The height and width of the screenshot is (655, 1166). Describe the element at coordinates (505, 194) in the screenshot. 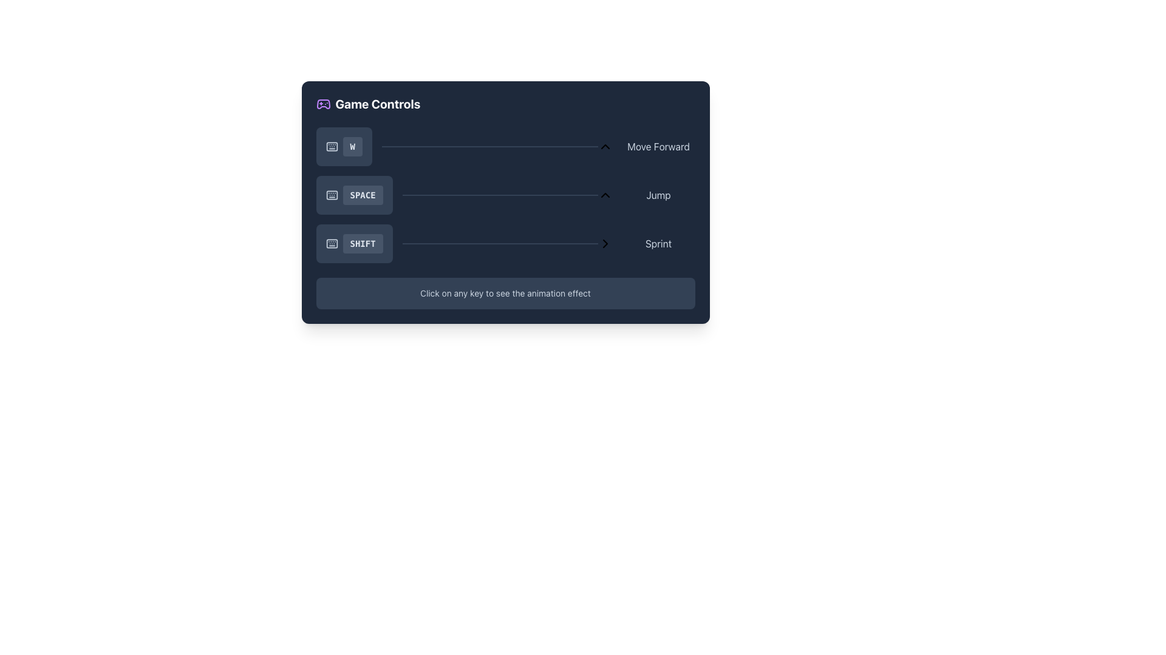

I see `the layout of the Control List, which consists of three interactive rows displaying control keys and their actions within the 'Game Controls' section` at that location.